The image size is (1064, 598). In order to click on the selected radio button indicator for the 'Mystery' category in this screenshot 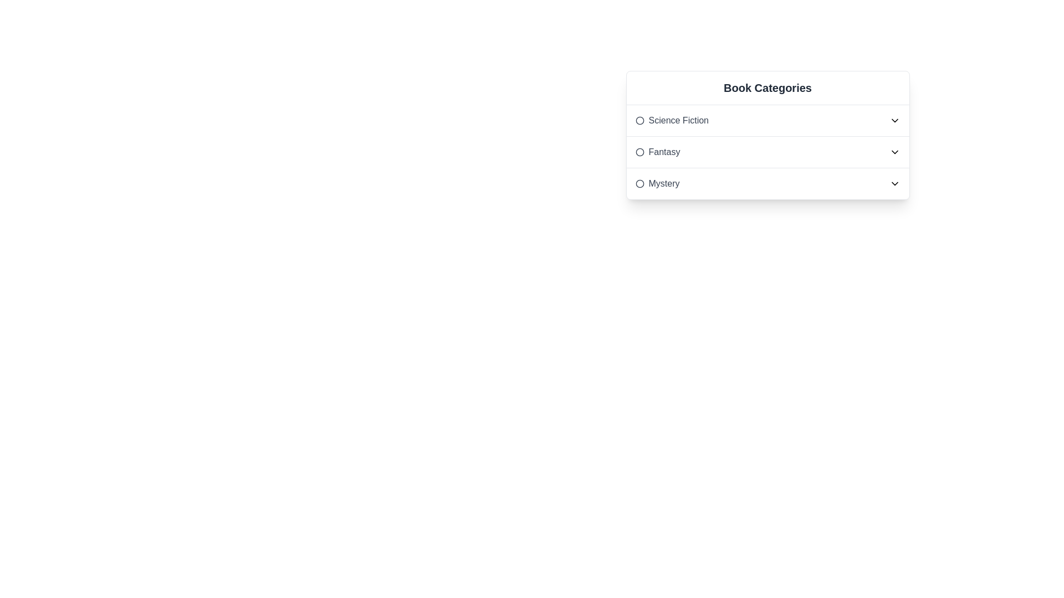, I will do `click(640, 183)`.